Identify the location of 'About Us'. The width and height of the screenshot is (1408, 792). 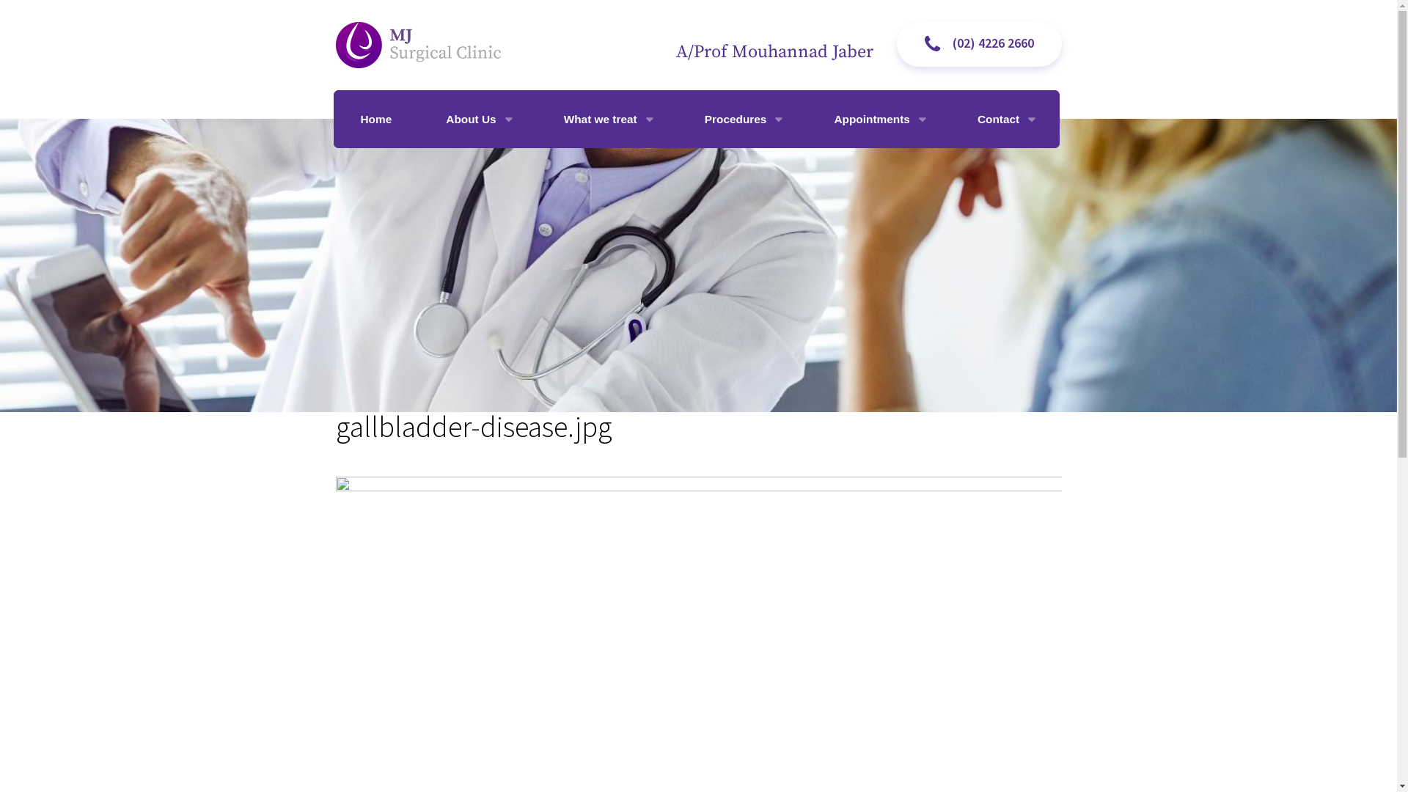
(477, 118).